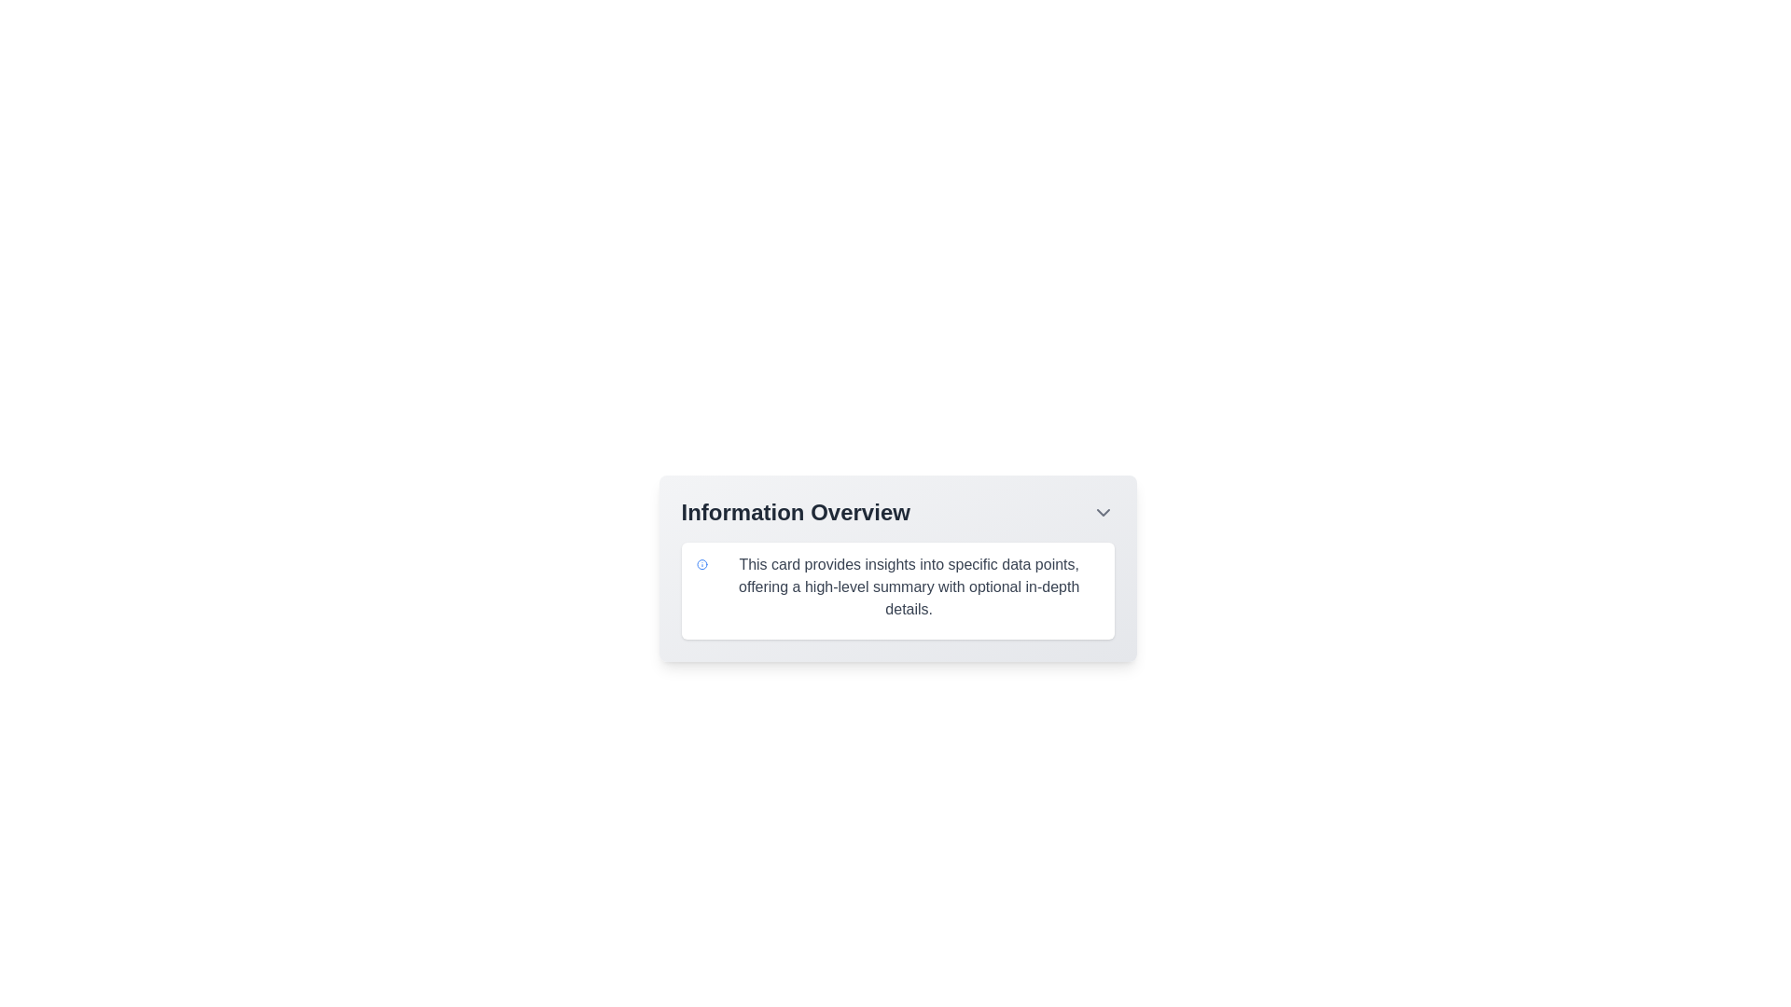 This screenshot has width=1791, height=1007. I want to click on the header element displaying 'Information Overview', so click(897, 513).